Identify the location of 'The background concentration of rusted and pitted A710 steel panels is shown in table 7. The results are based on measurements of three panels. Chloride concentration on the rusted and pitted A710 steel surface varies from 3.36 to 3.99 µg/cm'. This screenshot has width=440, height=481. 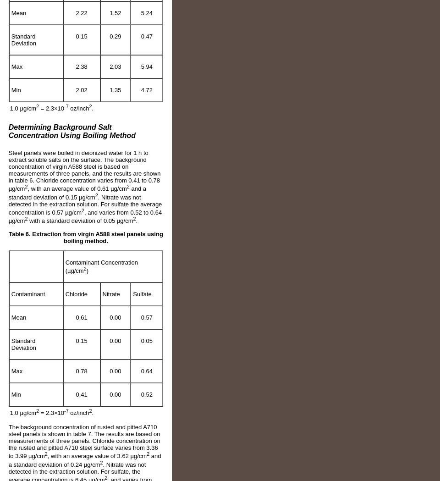
(84, 441).